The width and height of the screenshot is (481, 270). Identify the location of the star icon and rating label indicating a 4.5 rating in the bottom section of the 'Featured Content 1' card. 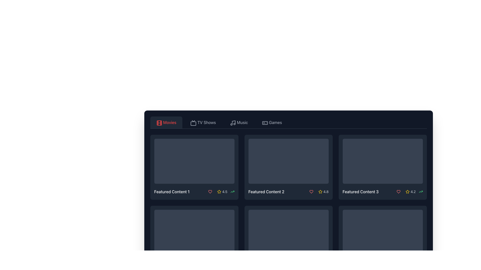
(222, 191).